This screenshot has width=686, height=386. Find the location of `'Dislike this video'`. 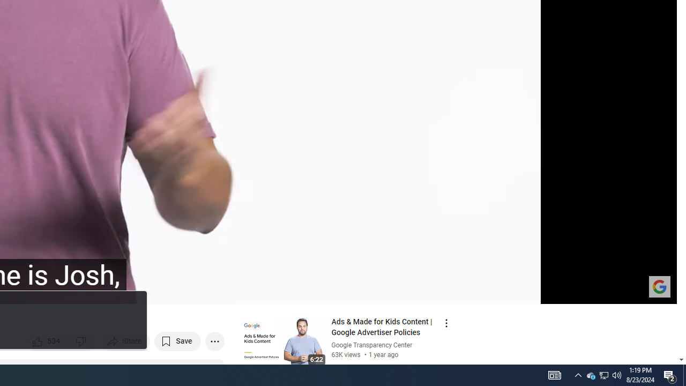

'Dislike this video' is located at coordinates (82, 341).